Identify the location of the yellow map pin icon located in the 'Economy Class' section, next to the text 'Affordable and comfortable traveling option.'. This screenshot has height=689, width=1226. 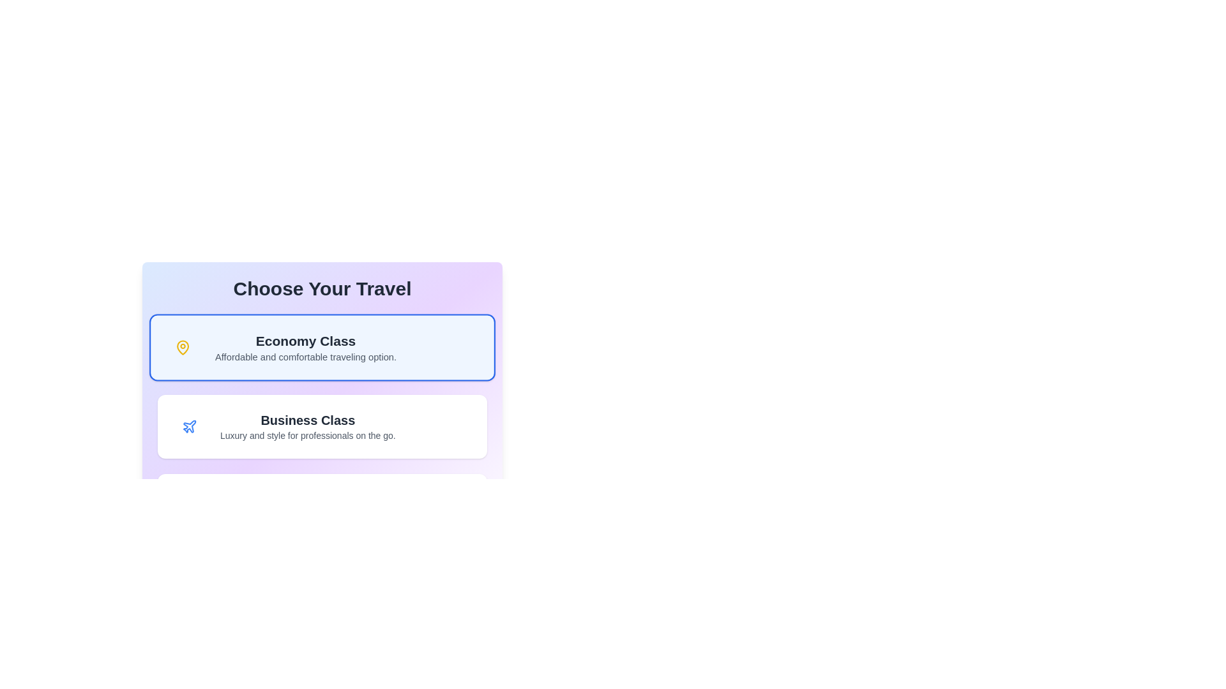
(182, 347).